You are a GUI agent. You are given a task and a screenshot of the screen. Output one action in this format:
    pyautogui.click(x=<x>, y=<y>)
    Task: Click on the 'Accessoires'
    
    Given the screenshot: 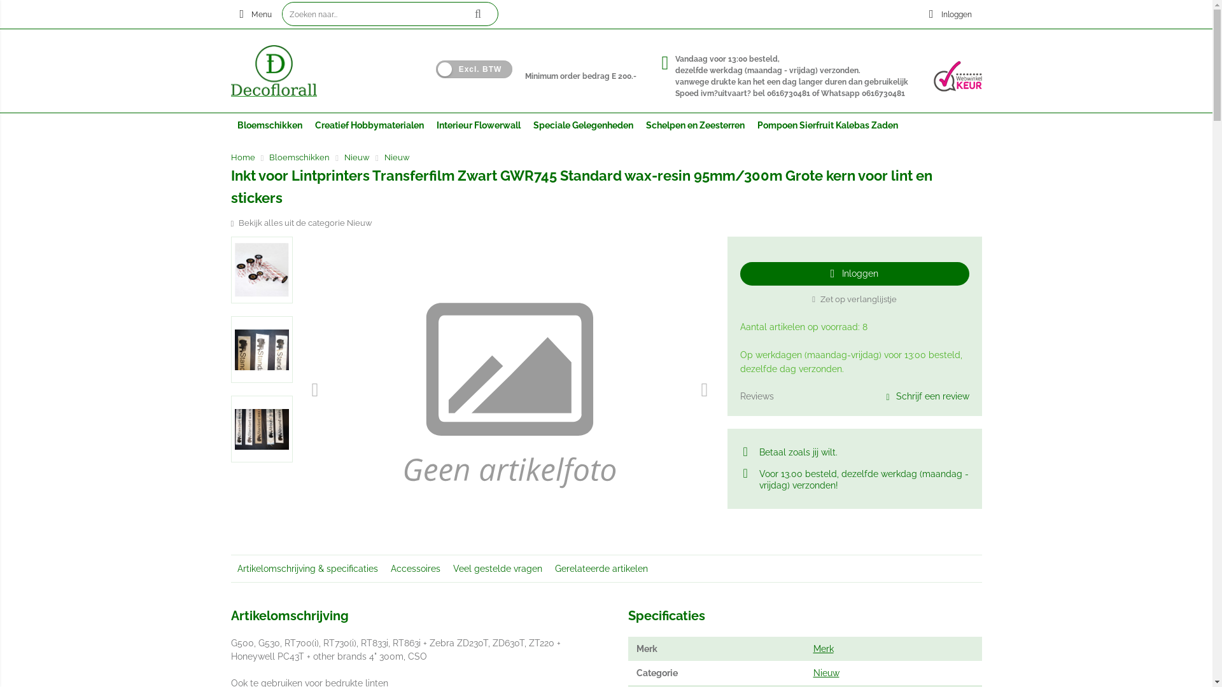 What is the action you would take?
    pyautogui.click(x=415, y=568)
    